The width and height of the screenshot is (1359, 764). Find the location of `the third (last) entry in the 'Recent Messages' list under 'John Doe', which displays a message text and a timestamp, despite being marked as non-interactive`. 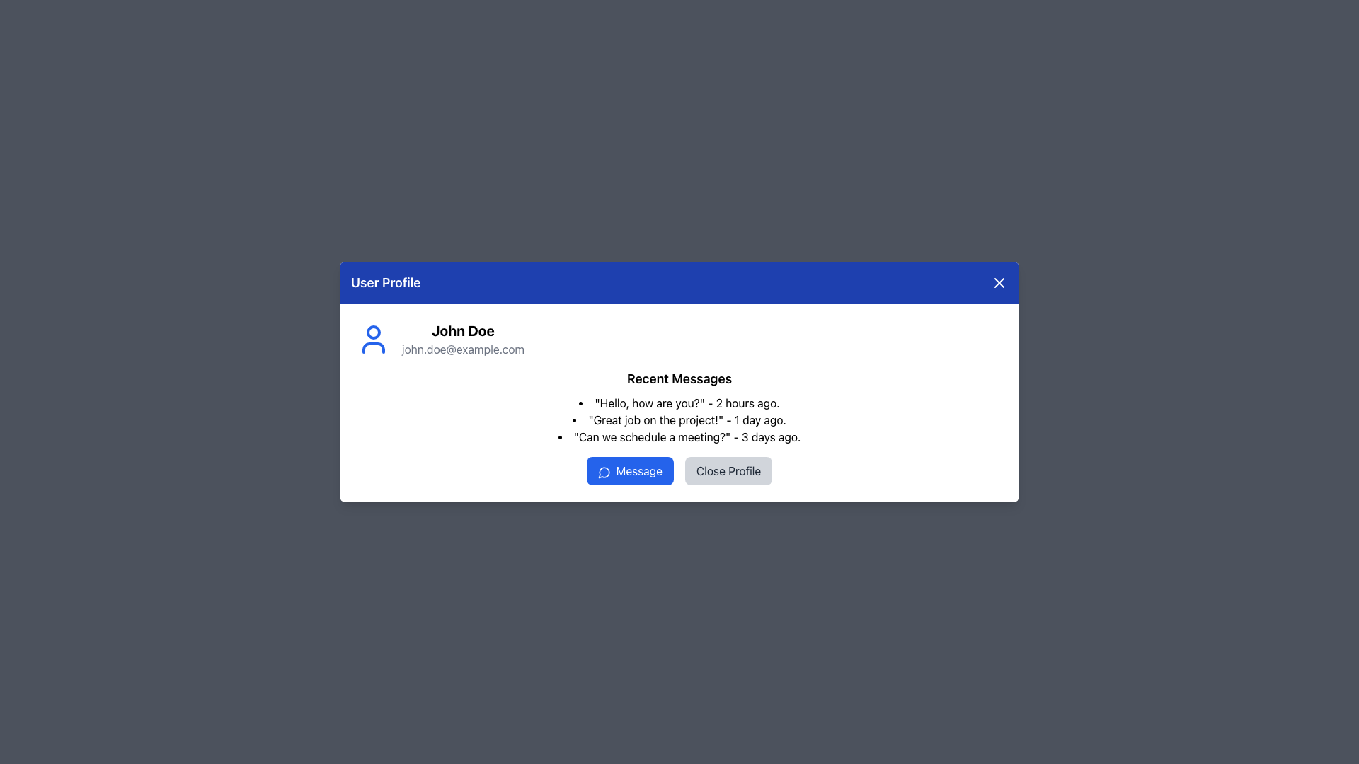

the third (last) entry in the 'Recent Messages' list under 'John Doe', which displays a message text and a timestamp, despite being marked as non-interactive is located at coordinates (679, 436).